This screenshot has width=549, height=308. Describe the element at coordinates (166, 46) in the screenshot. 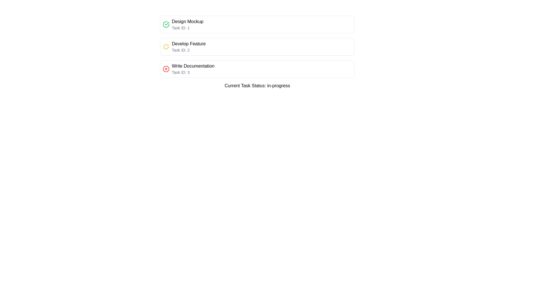

I see `the yellow loading spinner animation located in the 'Develop Feature' task section to monitor task progress` at that location.